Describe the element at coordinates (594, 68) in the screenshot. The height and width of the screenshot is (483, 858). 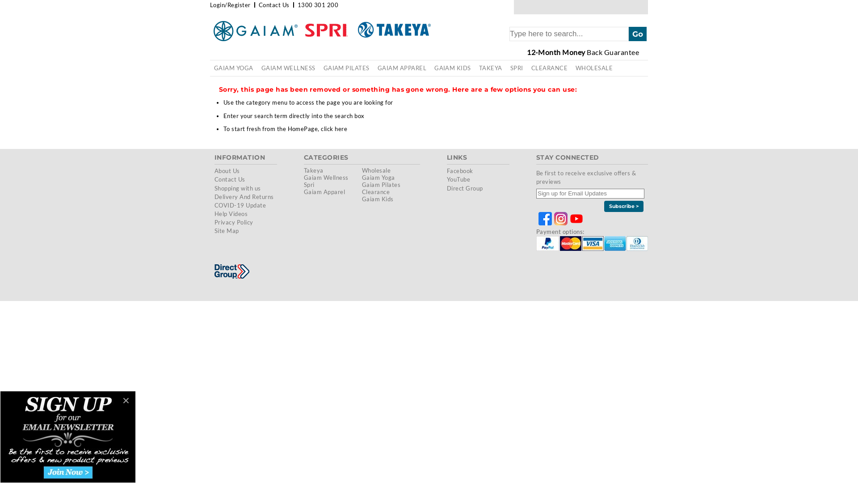
I see `'WHOLESALE'` at that location.